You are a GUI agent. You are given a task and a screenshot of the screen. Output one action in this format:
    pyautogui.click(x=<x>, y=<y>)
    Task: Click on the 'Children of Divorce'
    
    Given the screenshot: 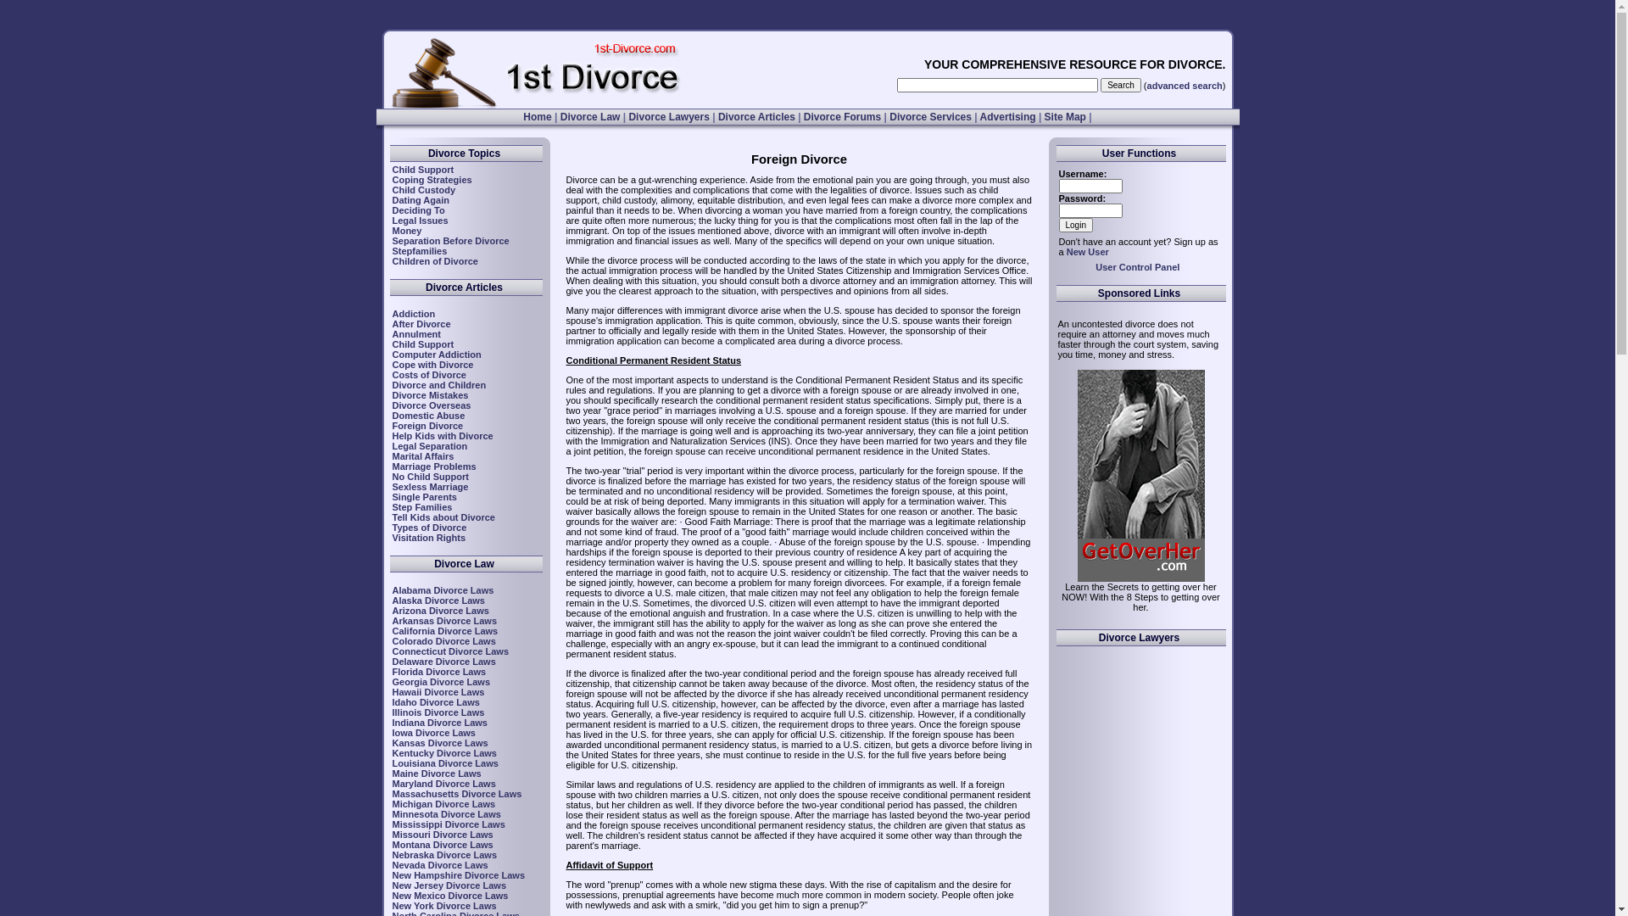 What is the action you would take?
    pyautogui.click(x=434, y=261)
    